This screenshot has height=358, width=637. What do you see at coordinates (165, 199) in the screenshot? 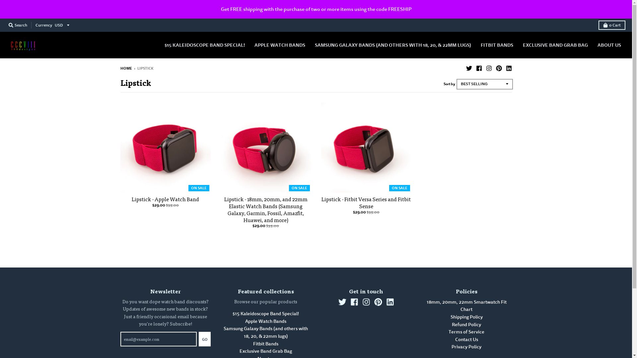
I see `'Lipstick - Apple Watch Band'` at bounding box center [165, 199].